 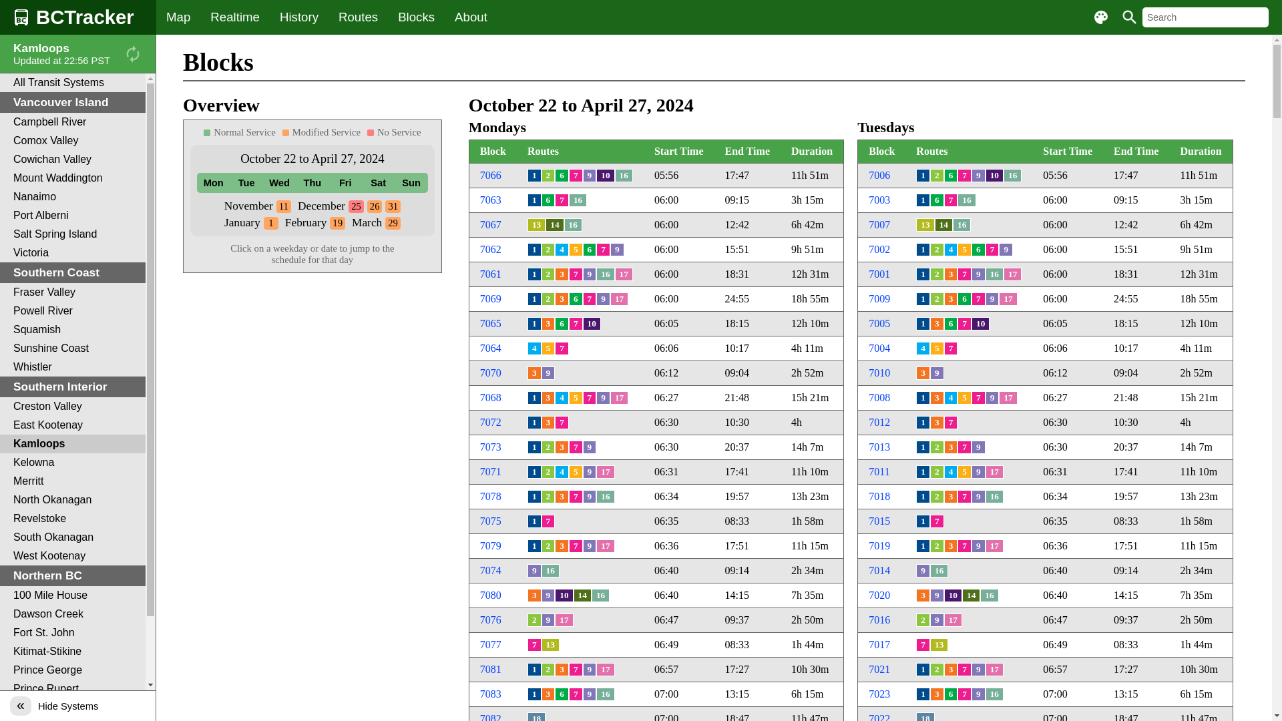 I want to click on 'Powell River', so click(x=72, y=311).